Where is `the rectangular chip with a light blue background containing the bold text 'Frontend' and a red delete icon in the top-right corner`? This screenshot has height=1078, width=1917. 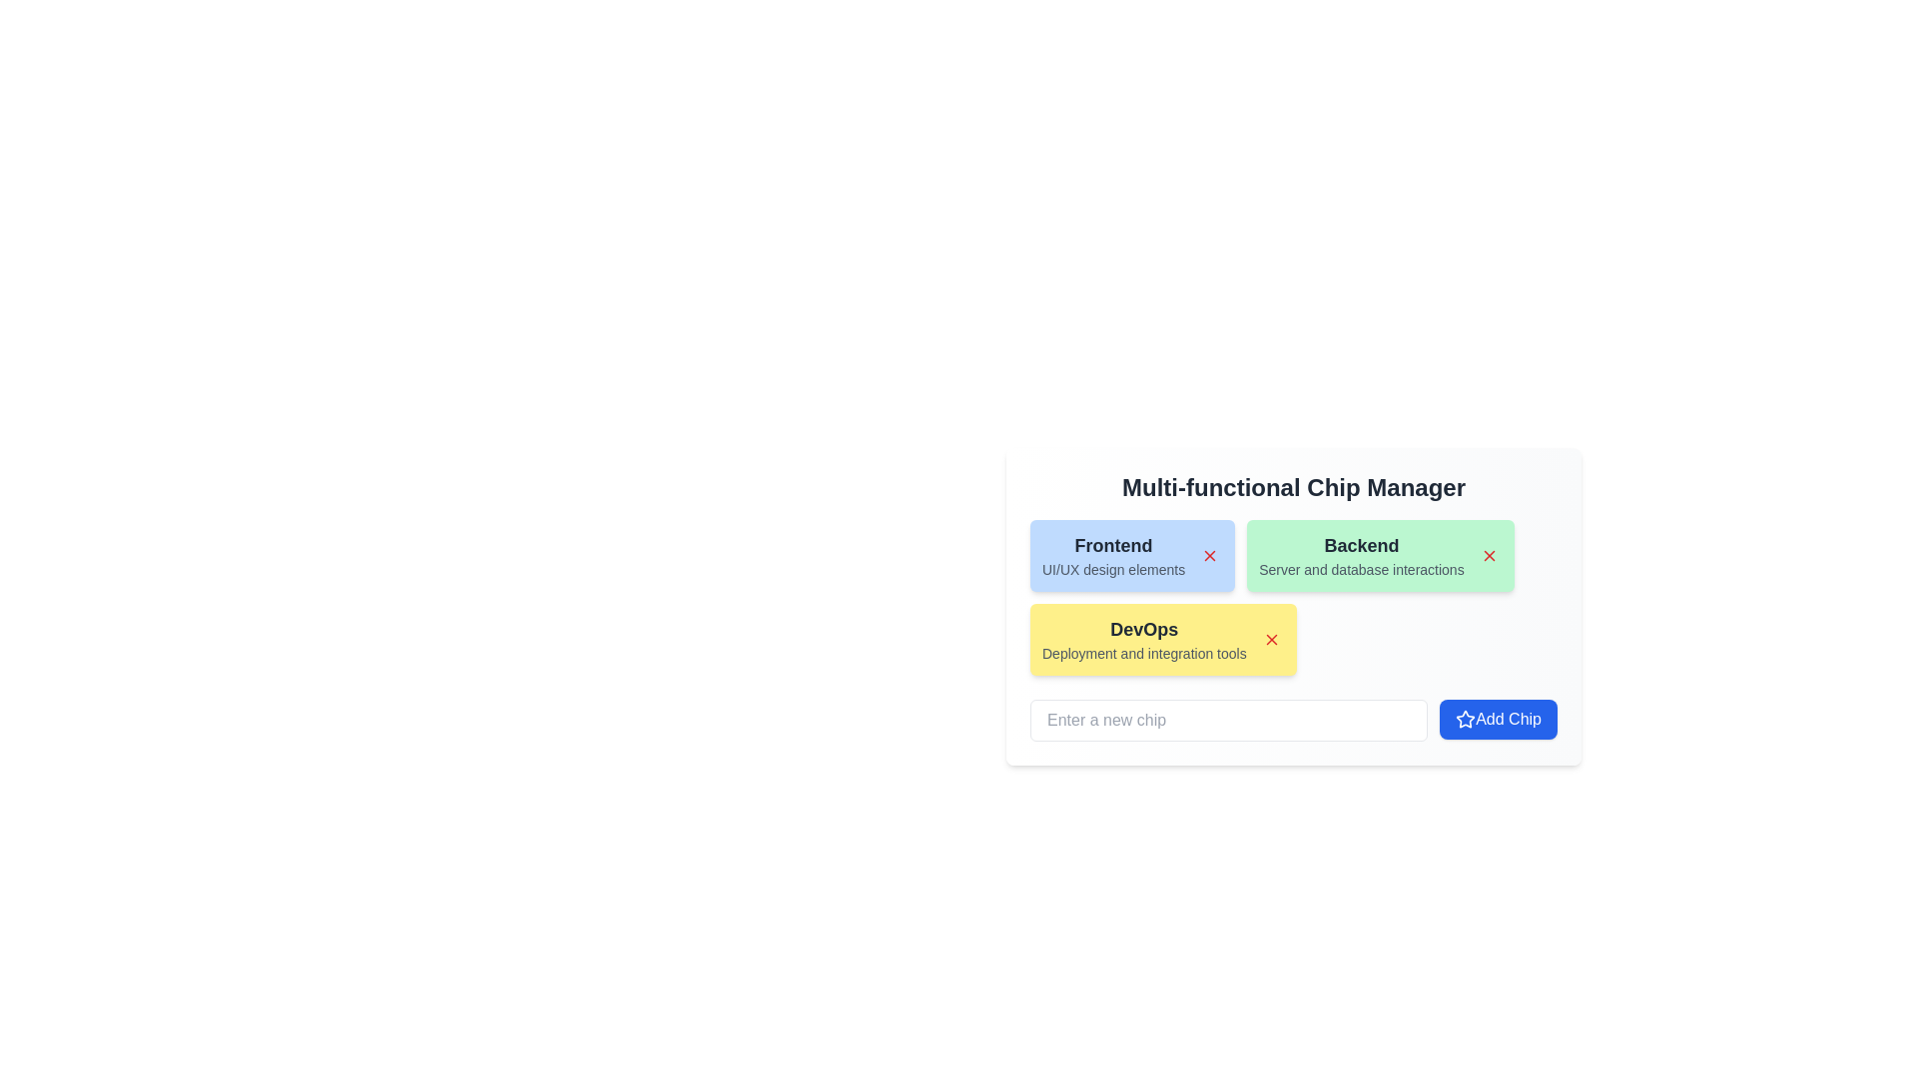
the rectangular chip with a light blue background containing the bold text 'Frontend' and a red delete icon in the top-right corner is located at coordinates (1132, 555).